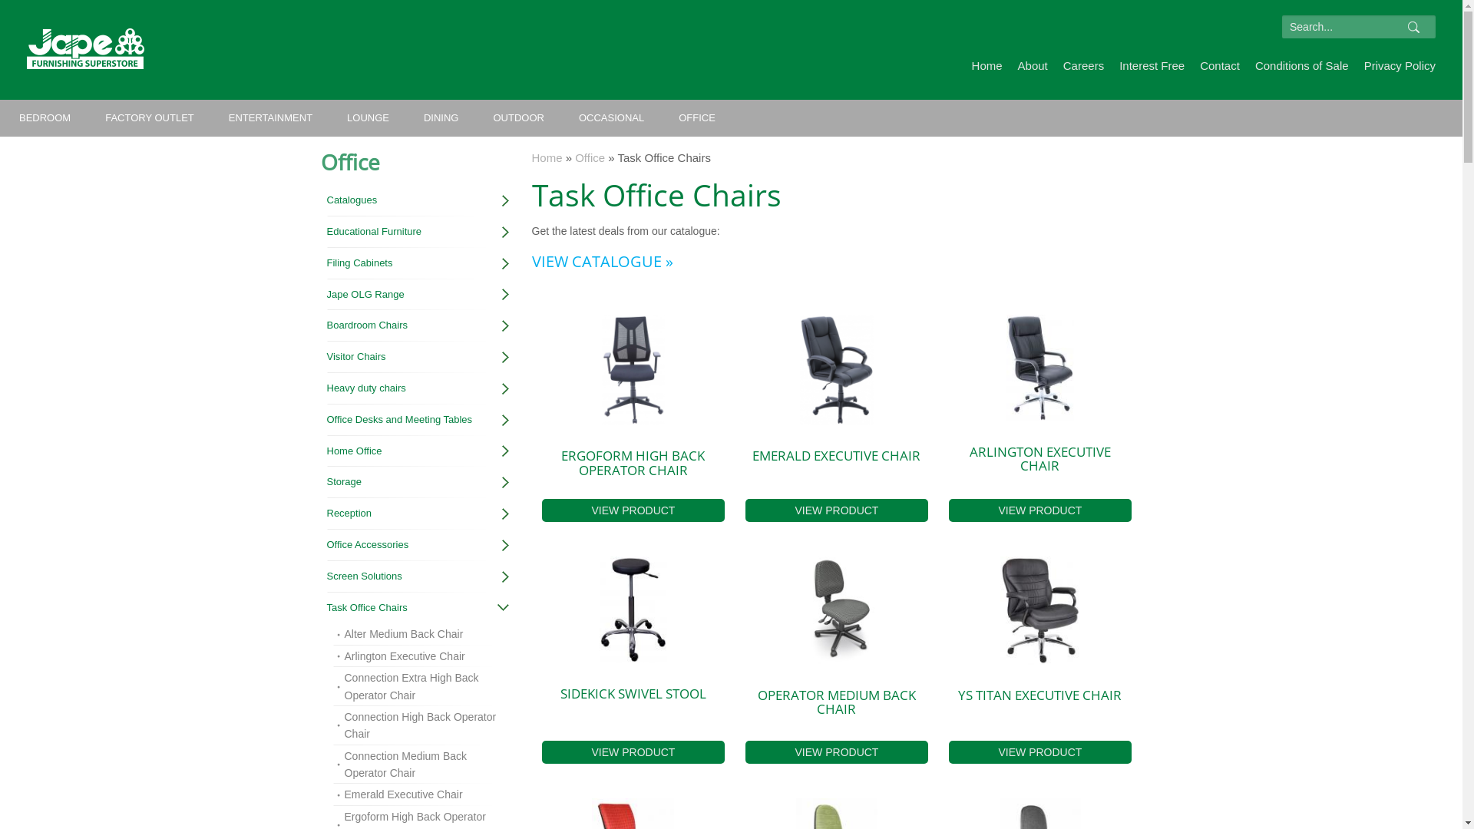 The height and width of the screenshot is (829, 1474). I want to click on 'OCCASIONAL', so click(610, 117).